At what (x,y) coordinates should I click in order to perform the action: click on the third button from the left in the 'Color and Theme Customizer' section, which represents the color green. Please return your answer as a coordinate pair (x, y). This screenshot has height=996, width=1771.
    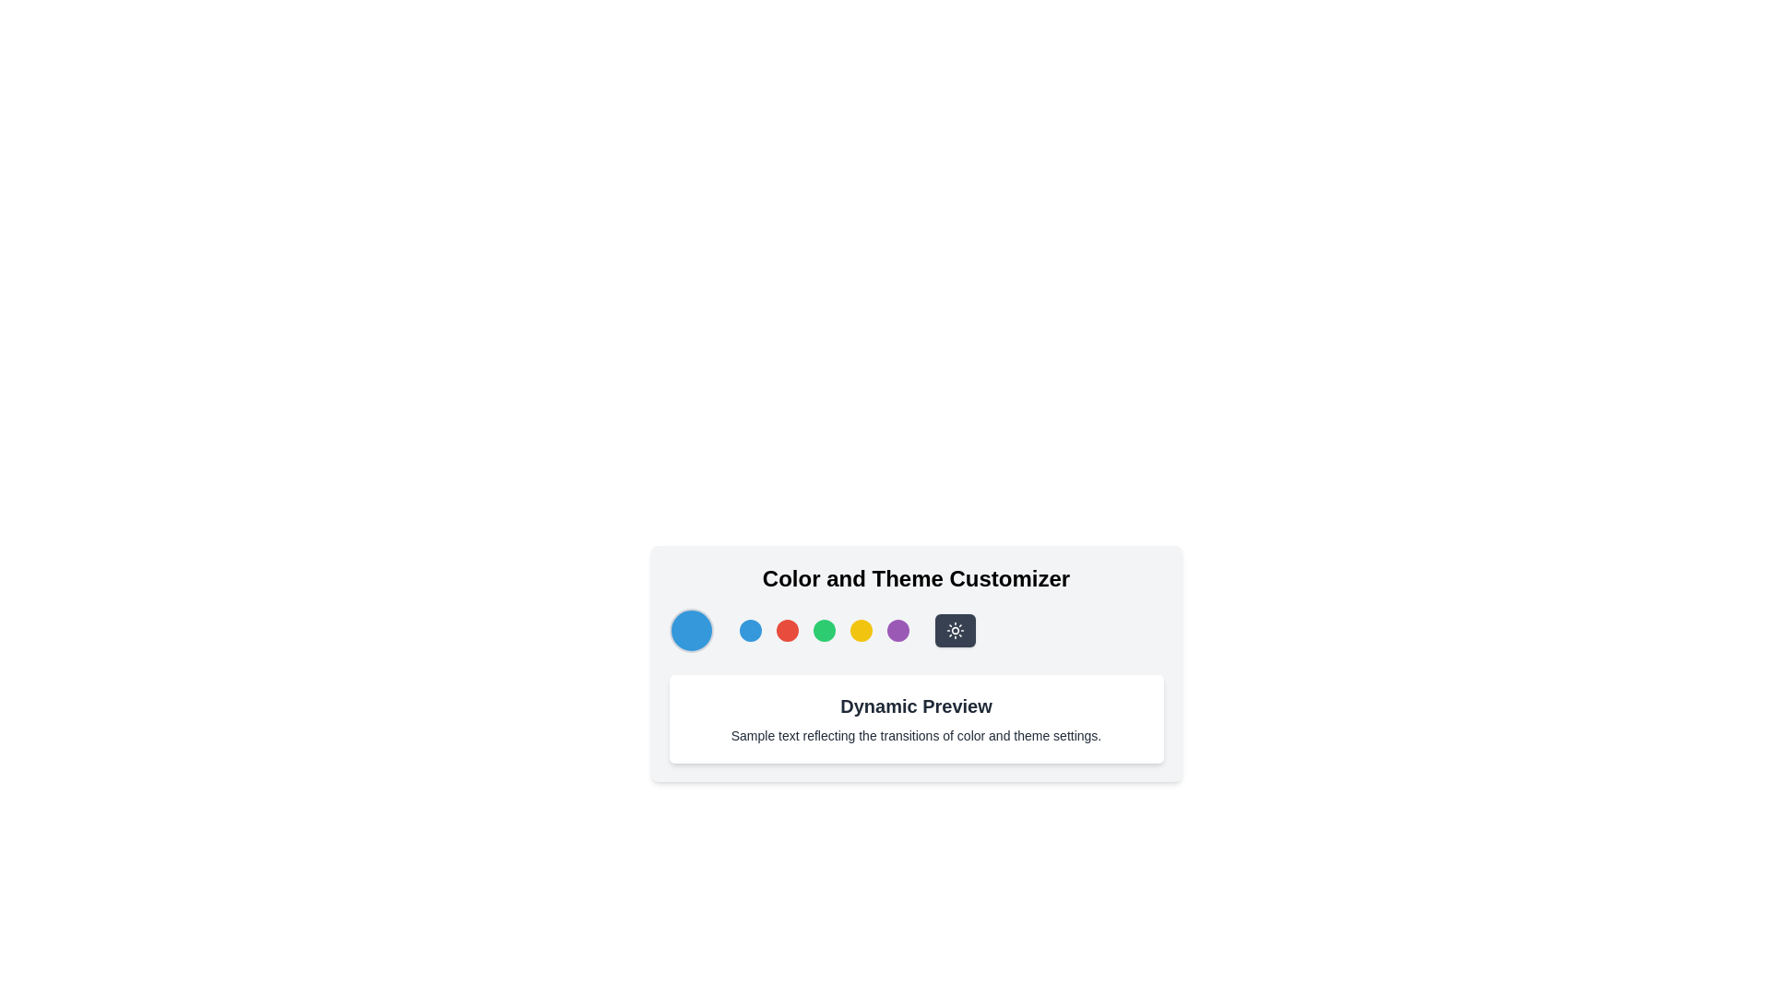
    Looking at the image, I should click on (823, 629).